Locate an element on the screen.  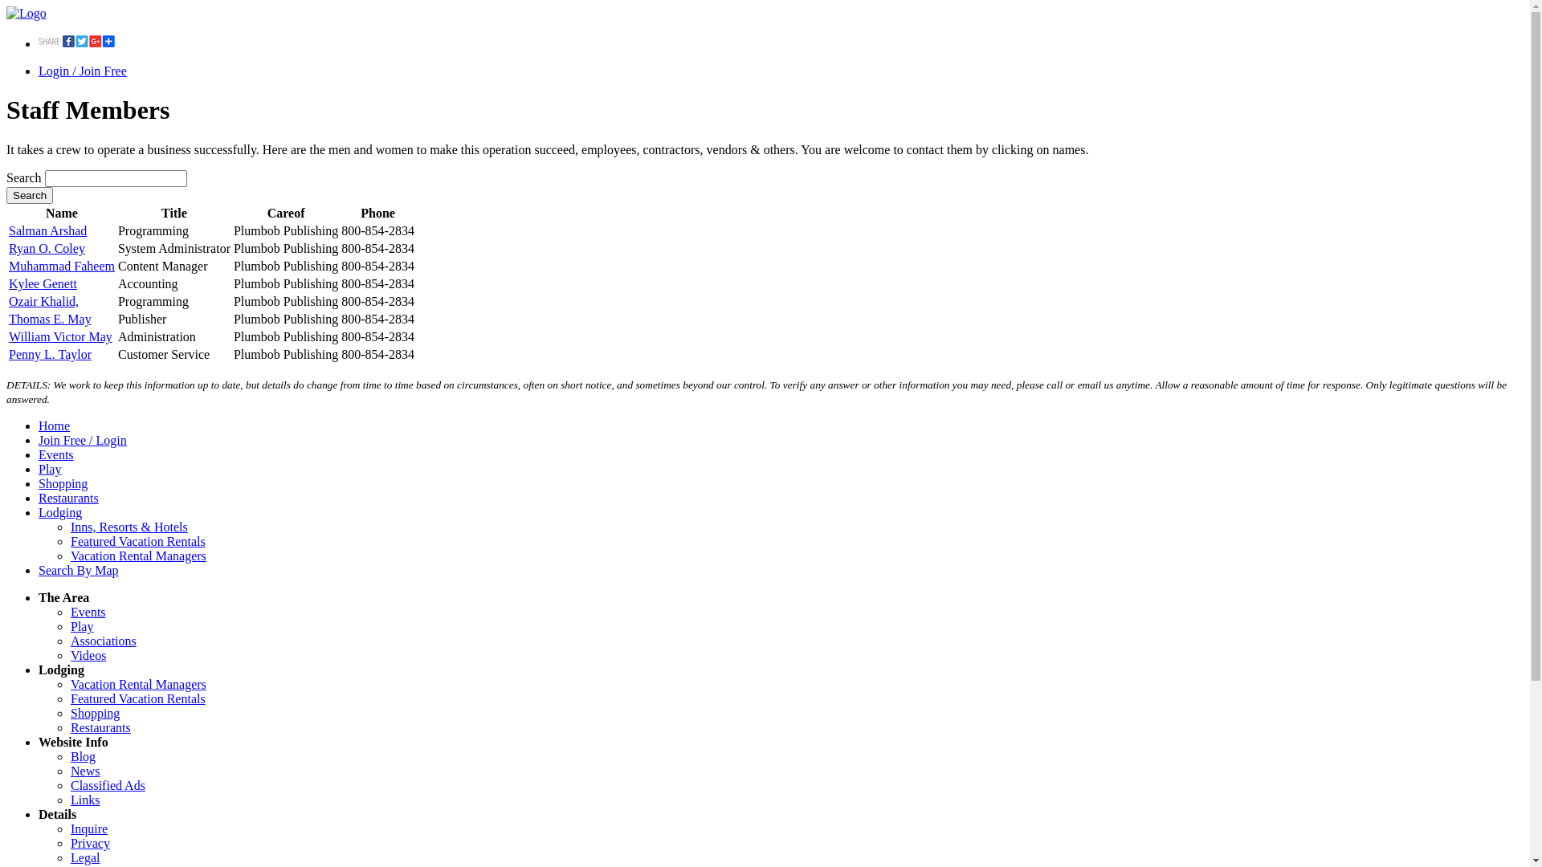
'Events' is located at coordinates (56, 454).